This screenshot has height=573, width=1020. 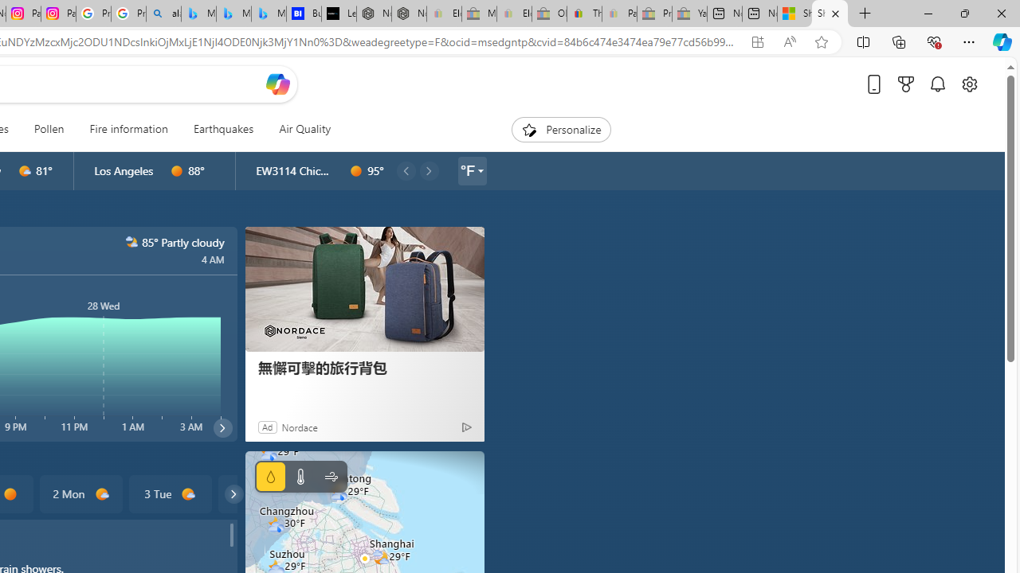 I want to click on 'Yard, Garden & Outdoor Living - Sleeping', so click(x=689, y=14).